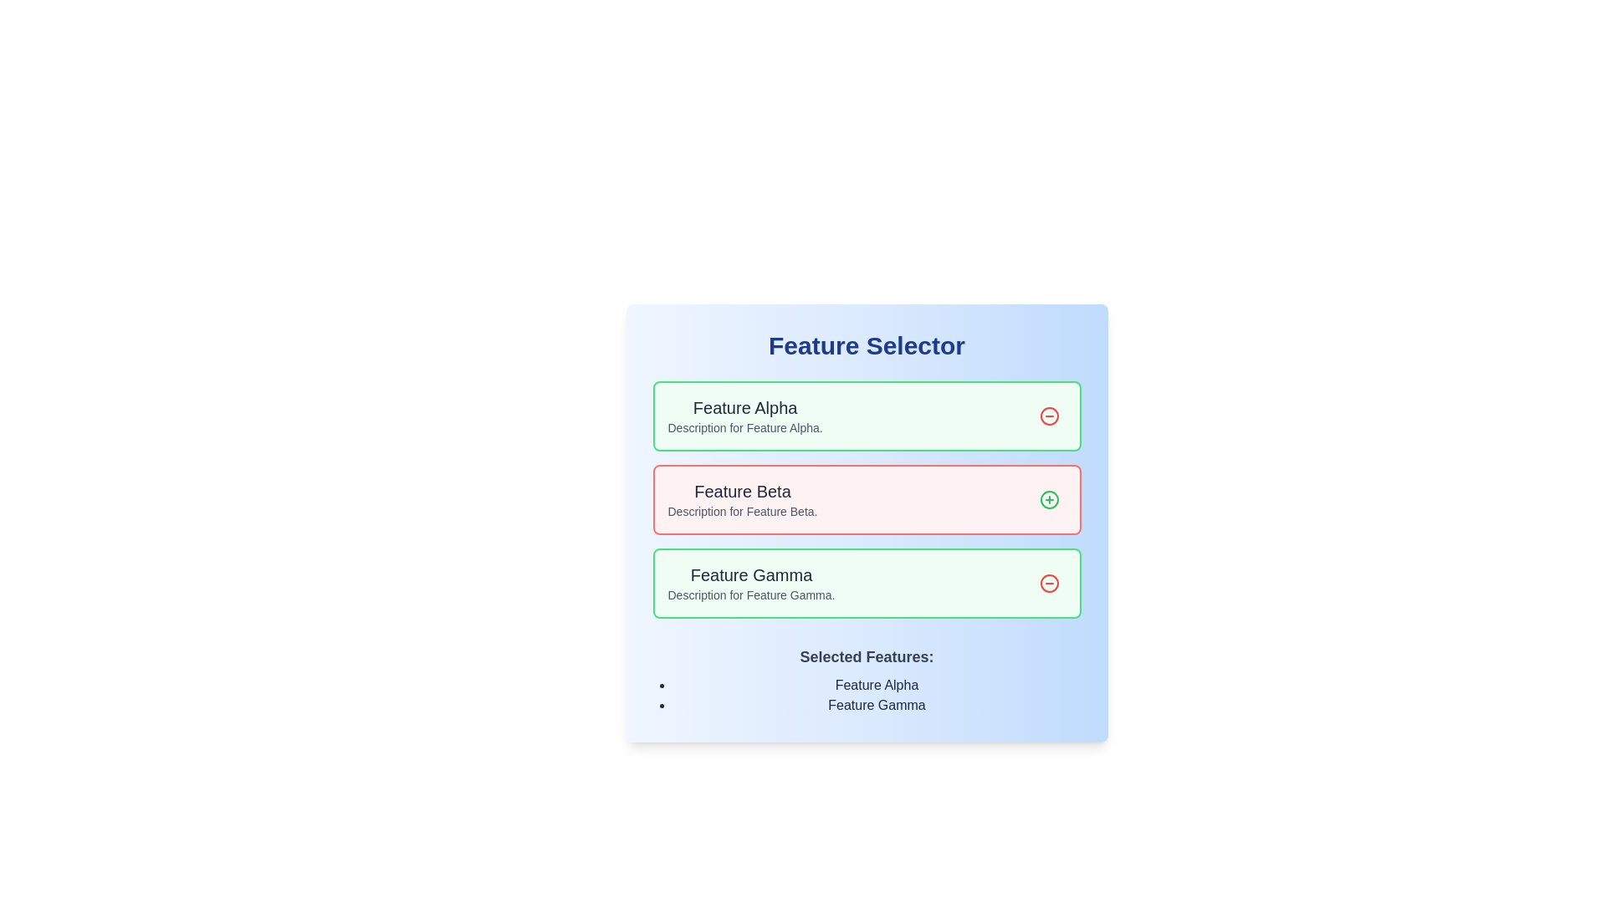 Image resolution: width=1606 pixels, height=903 pixels. Describe the element at coordinates (1048, 415) in the screenshot. I see `the circular button with a red border and a minus sign icon located at the upper right corner of the 'Feature Alpha' card` at that location.